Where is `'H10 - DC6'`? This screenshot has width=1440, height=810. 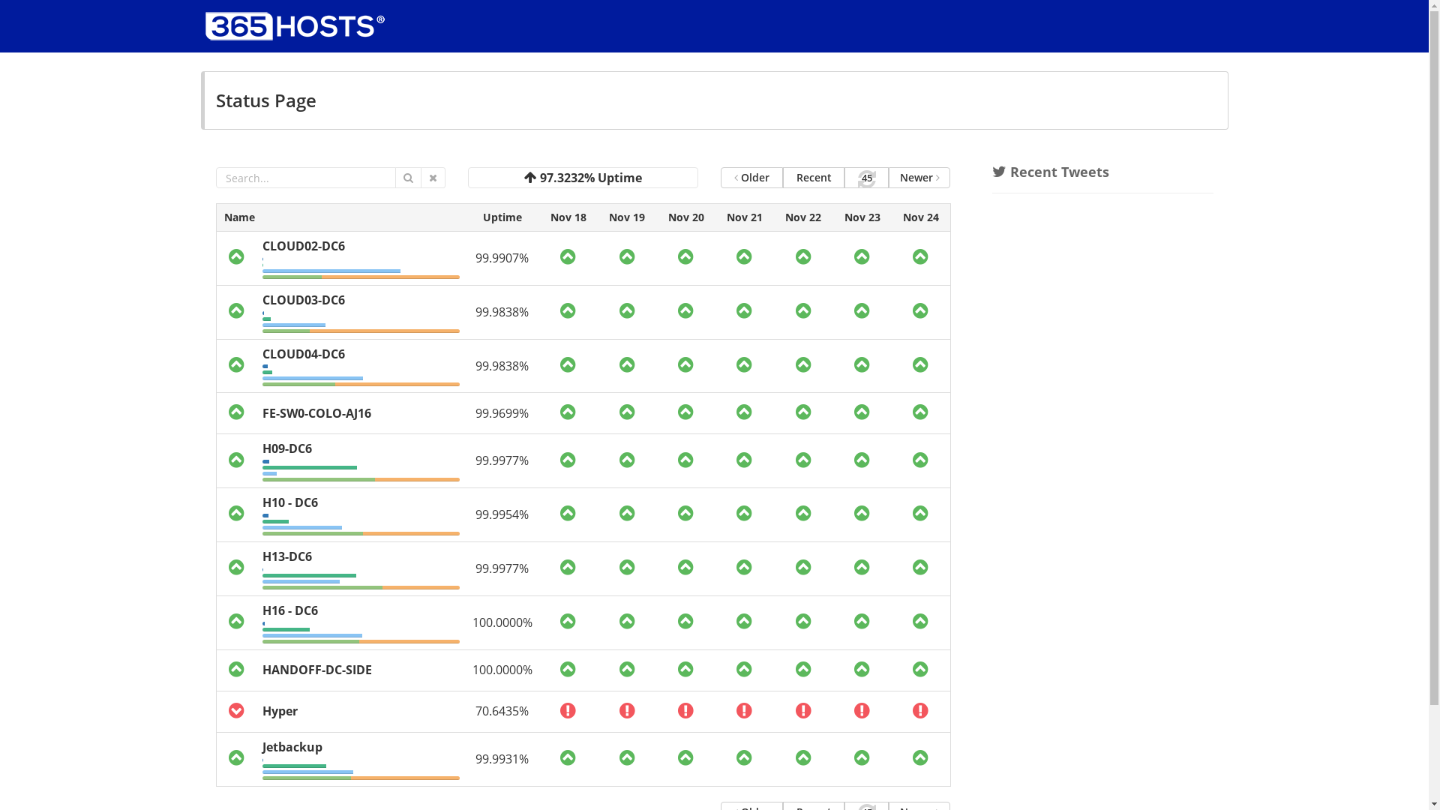
'H10 - DC6' is located at coordinates (290, 502).